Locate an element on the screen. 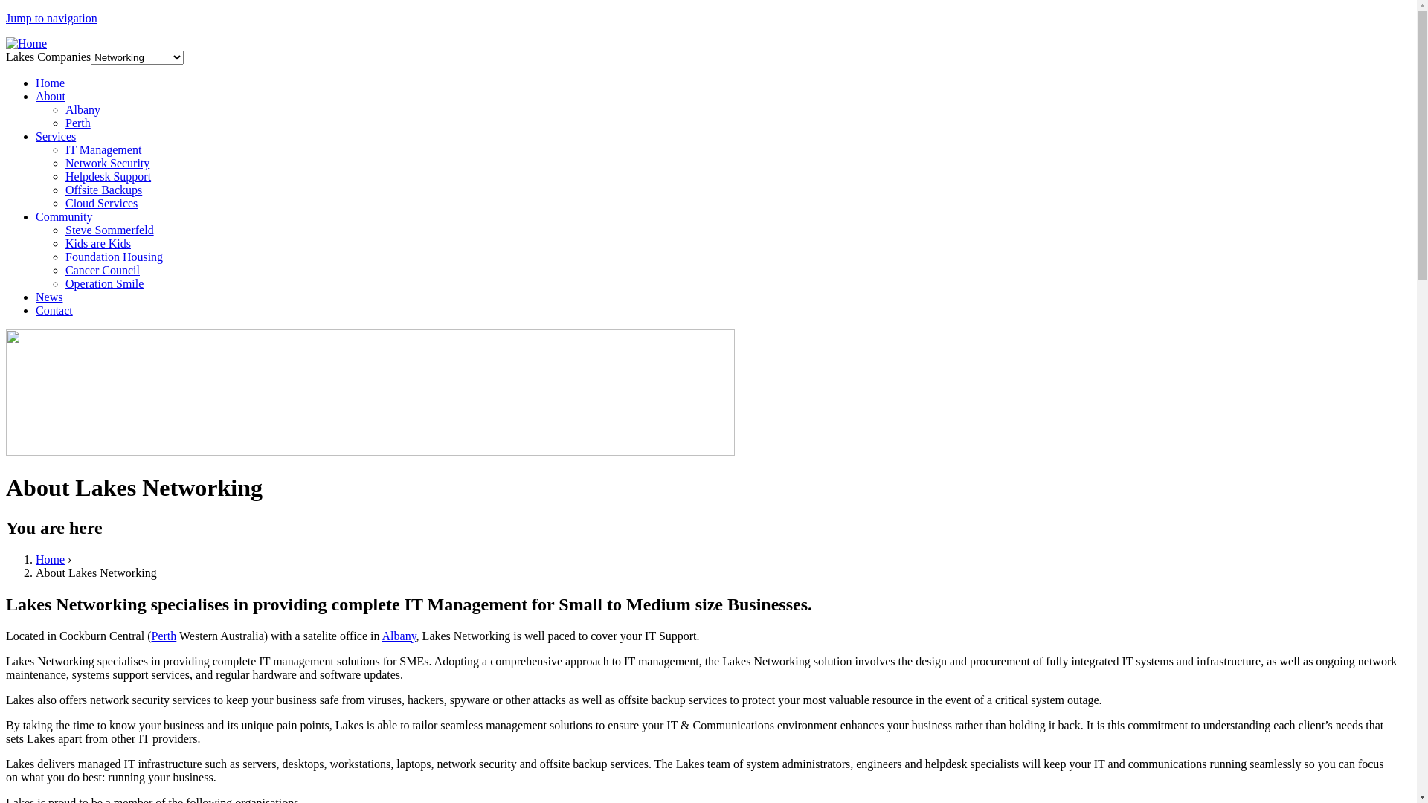  'Foundation Housing' is located at coordinates (113, 256).